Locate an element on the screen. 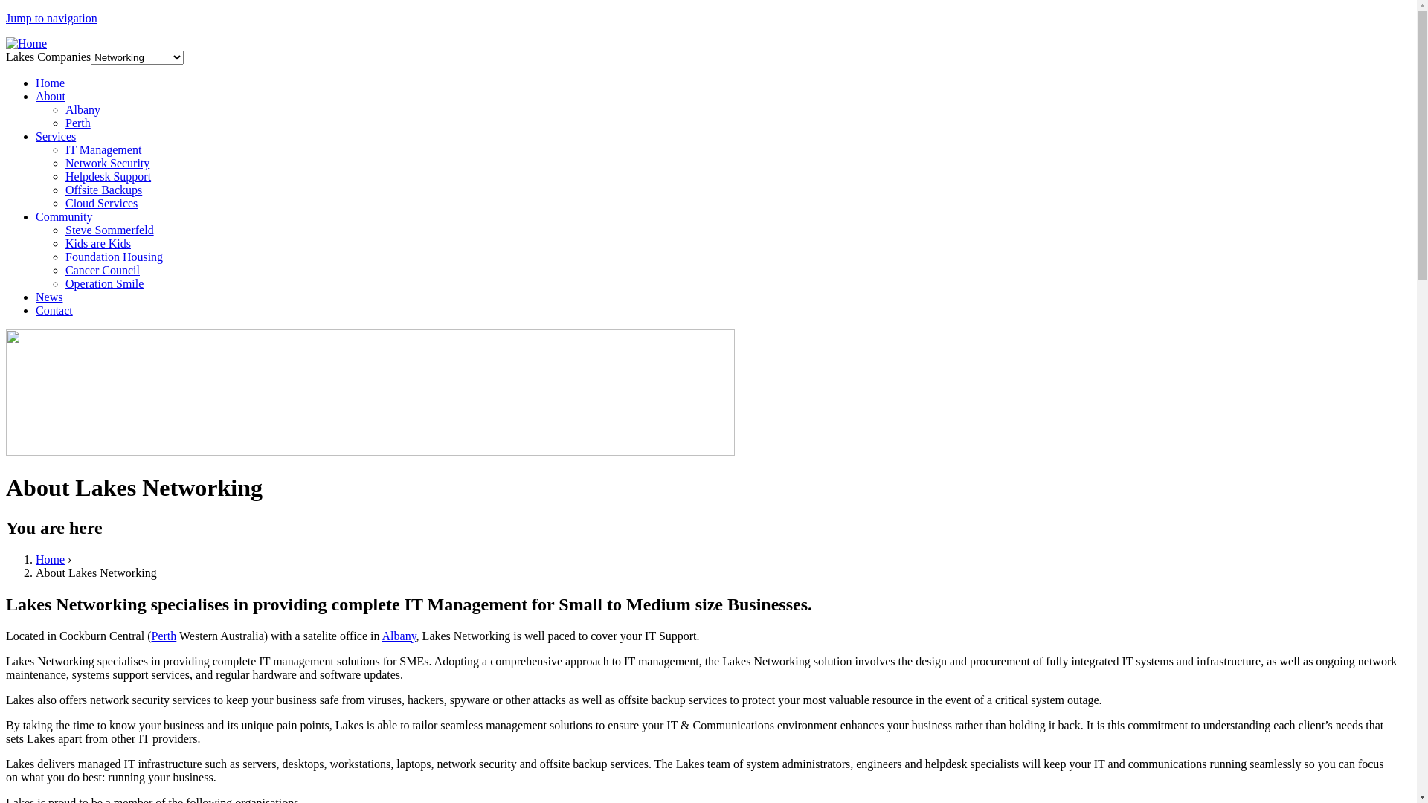  'Foundation Housing' is located at coordinates (113, 256).